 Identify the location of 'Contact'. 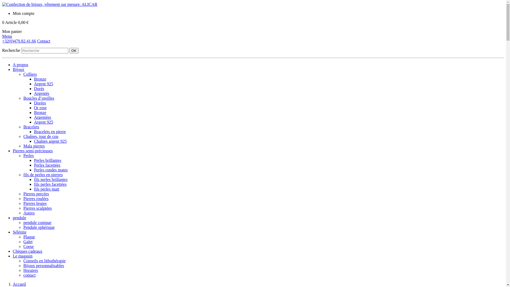
(37, 41).